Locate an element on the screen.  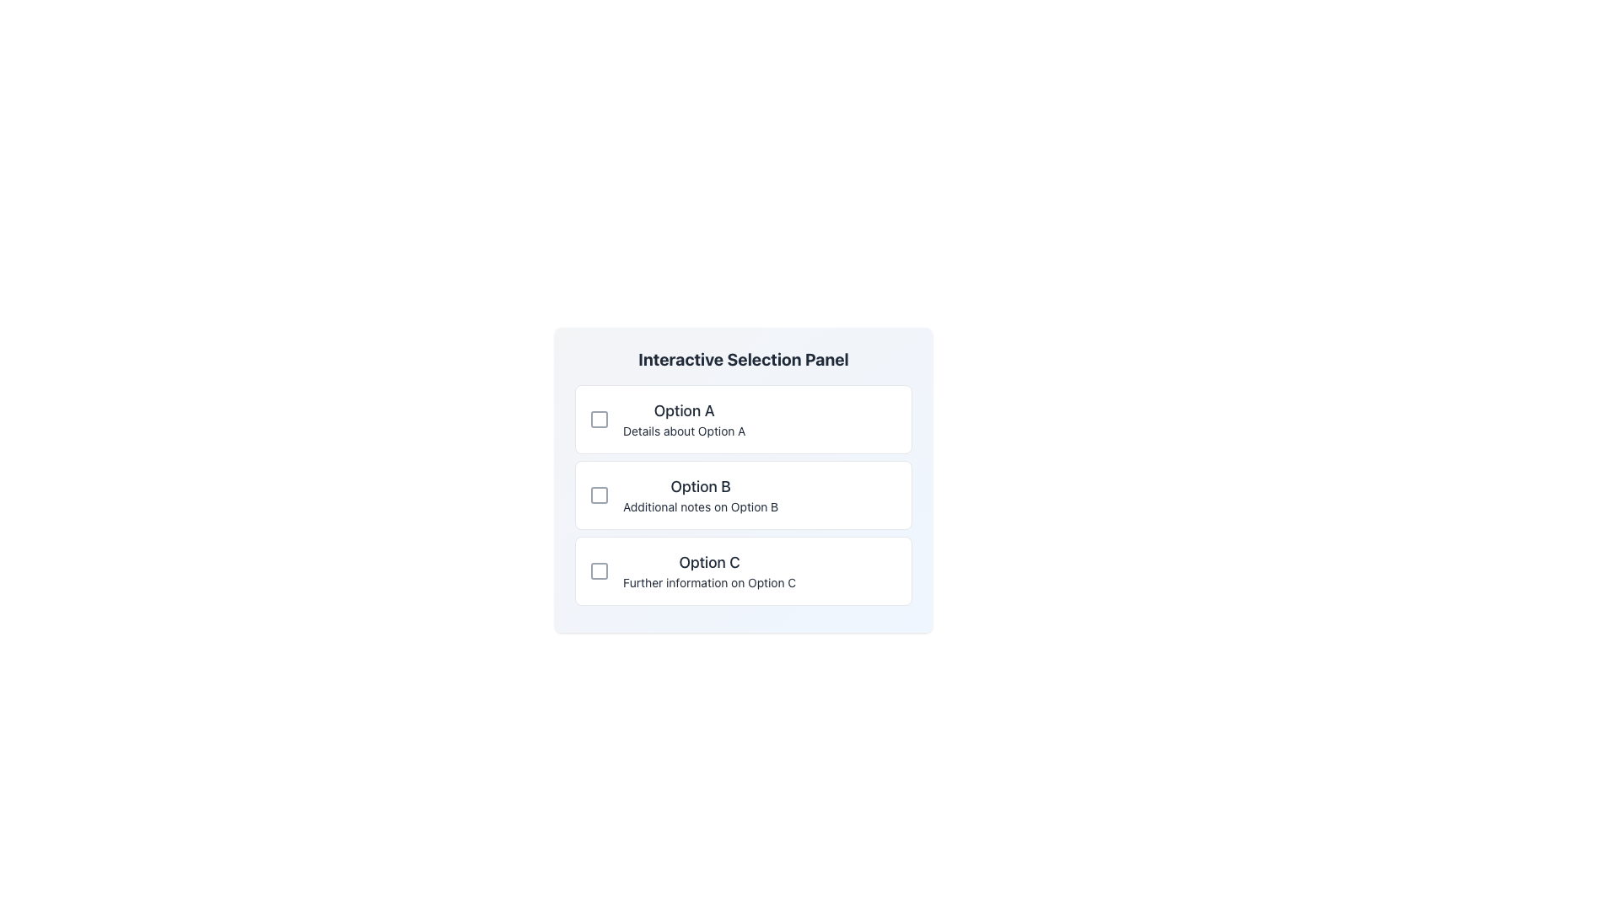
the checkbox for 'Option A' is located at coordinates (599, 418).